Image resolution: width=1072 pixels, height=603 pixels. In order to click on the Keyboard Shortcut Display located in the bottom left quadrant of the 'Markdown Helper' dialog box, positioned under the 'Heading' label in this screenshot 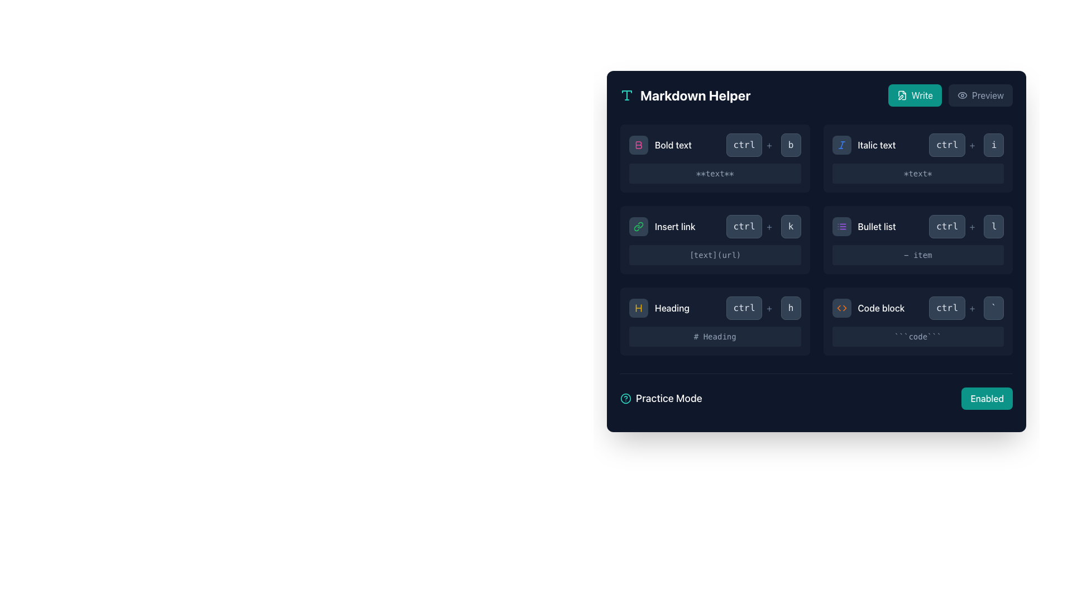, I will do `click(763, 308)`.